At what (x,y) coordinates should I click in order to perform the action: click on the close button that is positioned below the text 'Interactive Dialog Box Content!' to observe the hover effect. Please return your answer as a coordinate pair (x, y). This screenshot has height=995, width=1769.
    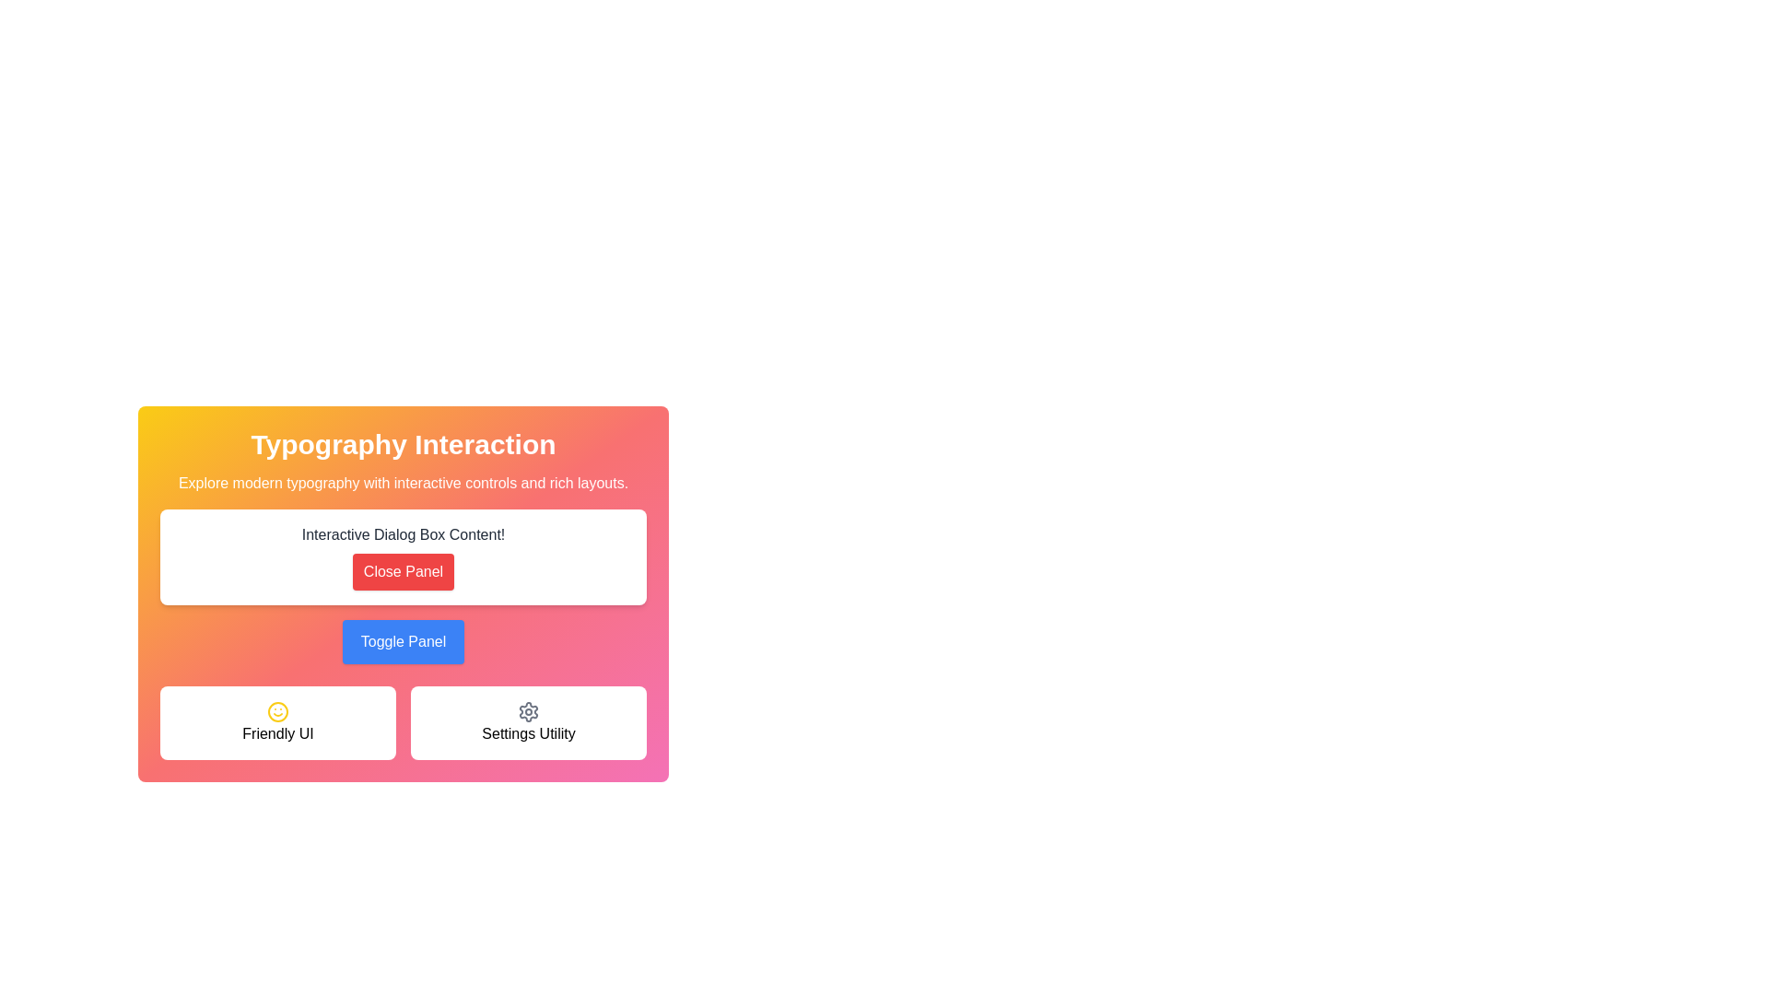
    Looking at the image, I should click on (402, 571).